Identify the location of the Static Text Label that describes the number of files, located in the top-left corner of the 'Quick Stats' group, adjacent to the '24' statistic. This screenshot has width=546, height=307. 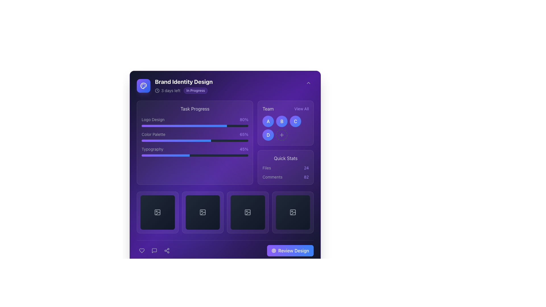
(266, 167).